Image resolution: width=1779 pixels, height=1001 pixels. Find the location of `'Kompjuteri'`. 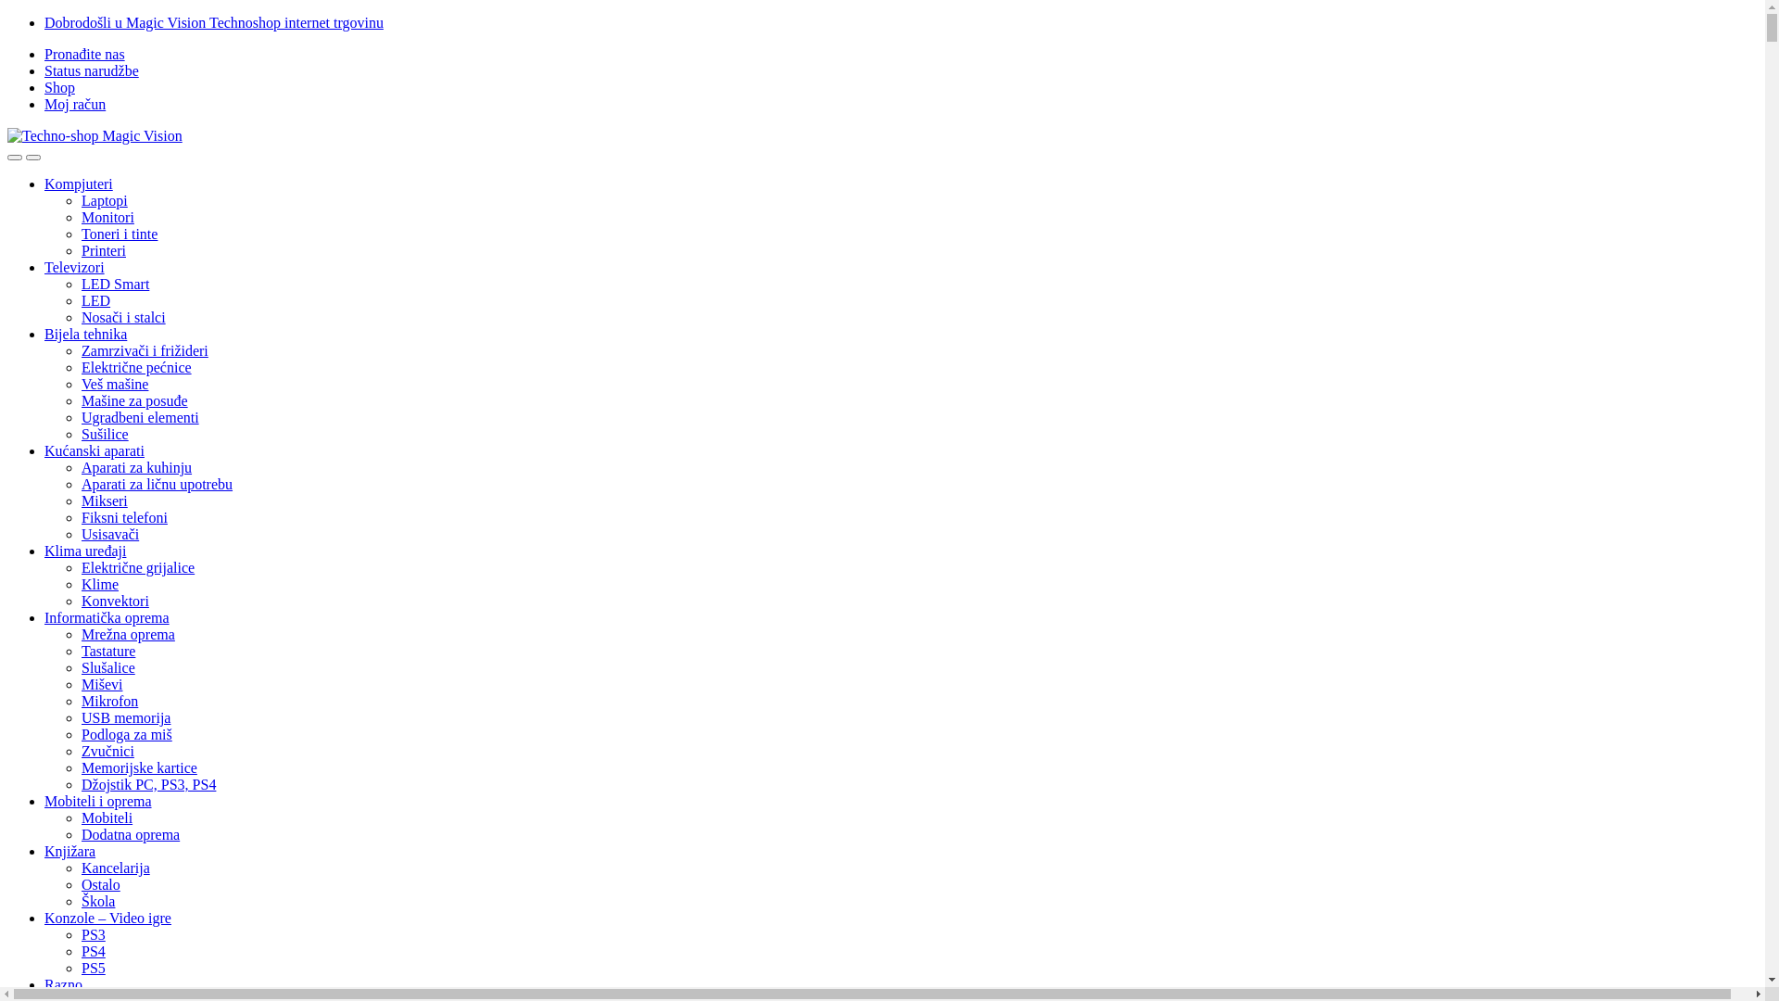

'Kompjuteri' is located at coordinates (78, 184).